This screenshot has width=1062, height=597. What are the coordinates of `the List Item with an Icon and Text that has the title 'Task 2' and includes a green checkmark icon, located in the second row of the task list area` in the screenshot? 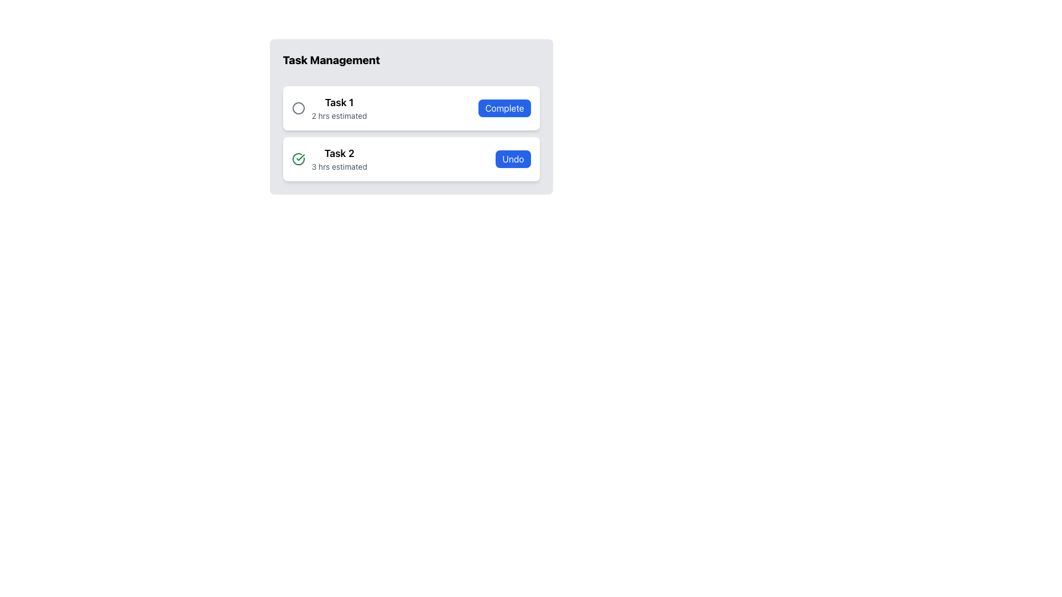 It's located at (329, 159).